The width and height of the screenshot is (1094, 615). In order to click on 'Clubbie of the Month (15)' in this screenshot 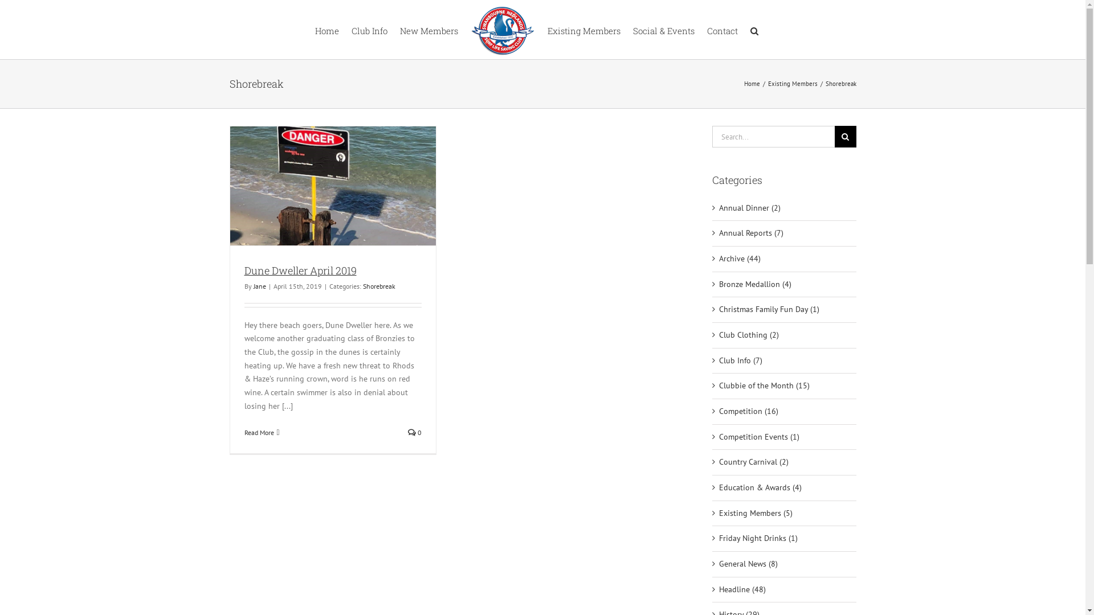, I will do `click(719, 386)`.